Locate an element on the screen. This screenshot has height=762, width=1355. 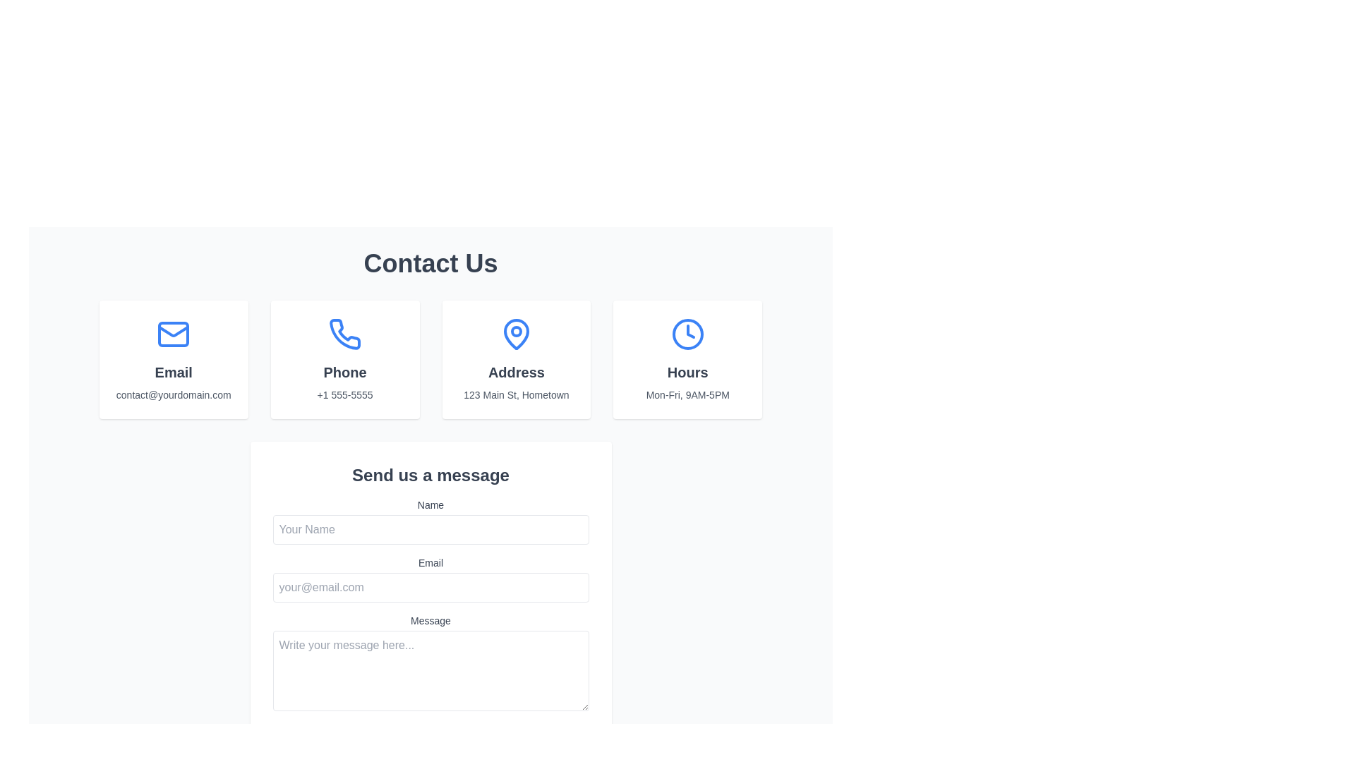
the bold text label reading 'Address' styled in an extra-large dark gray font, located within the center section of a card under 'Contact Us', positioned below the circular pin icon is located at coordinates (515, 372).